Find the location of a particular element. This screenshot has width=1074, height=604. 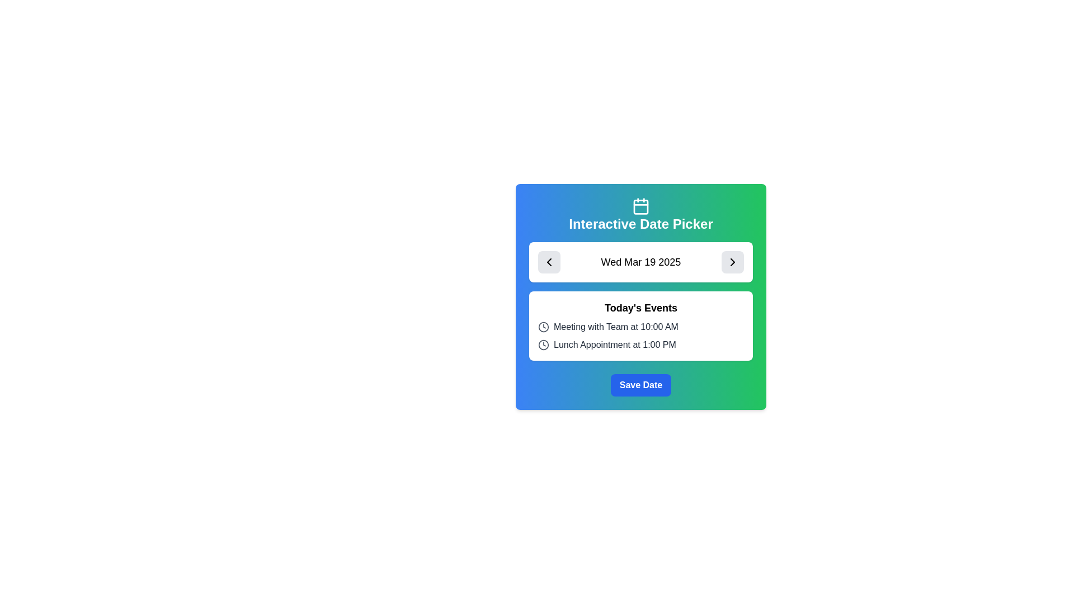

the time icon associated with the event 'Meeting with Team at 10:00 AM', which is the first icon in the event row located in the middle of the event list section is located at coordinates (543, 327).